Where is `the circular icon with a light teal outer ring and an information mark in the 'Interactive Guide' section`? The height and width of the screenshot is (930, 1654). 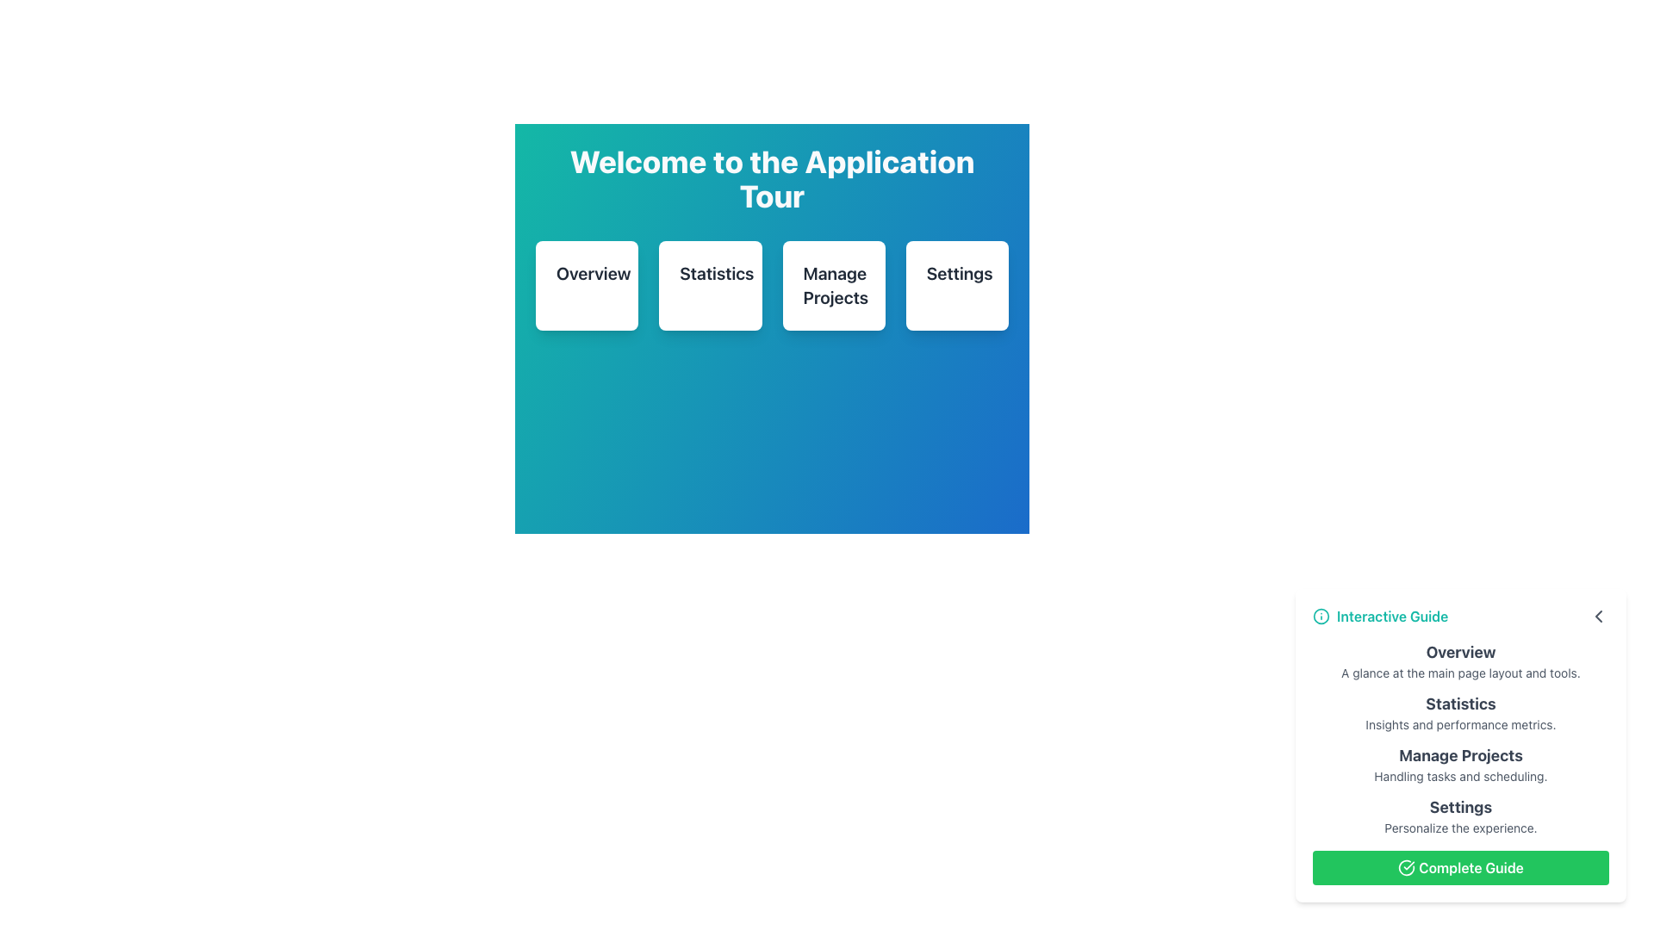 the circular icon with a light teal outer ring and an information mark in the 'Interactive Guide' section is located at coordinates (1321, 616).